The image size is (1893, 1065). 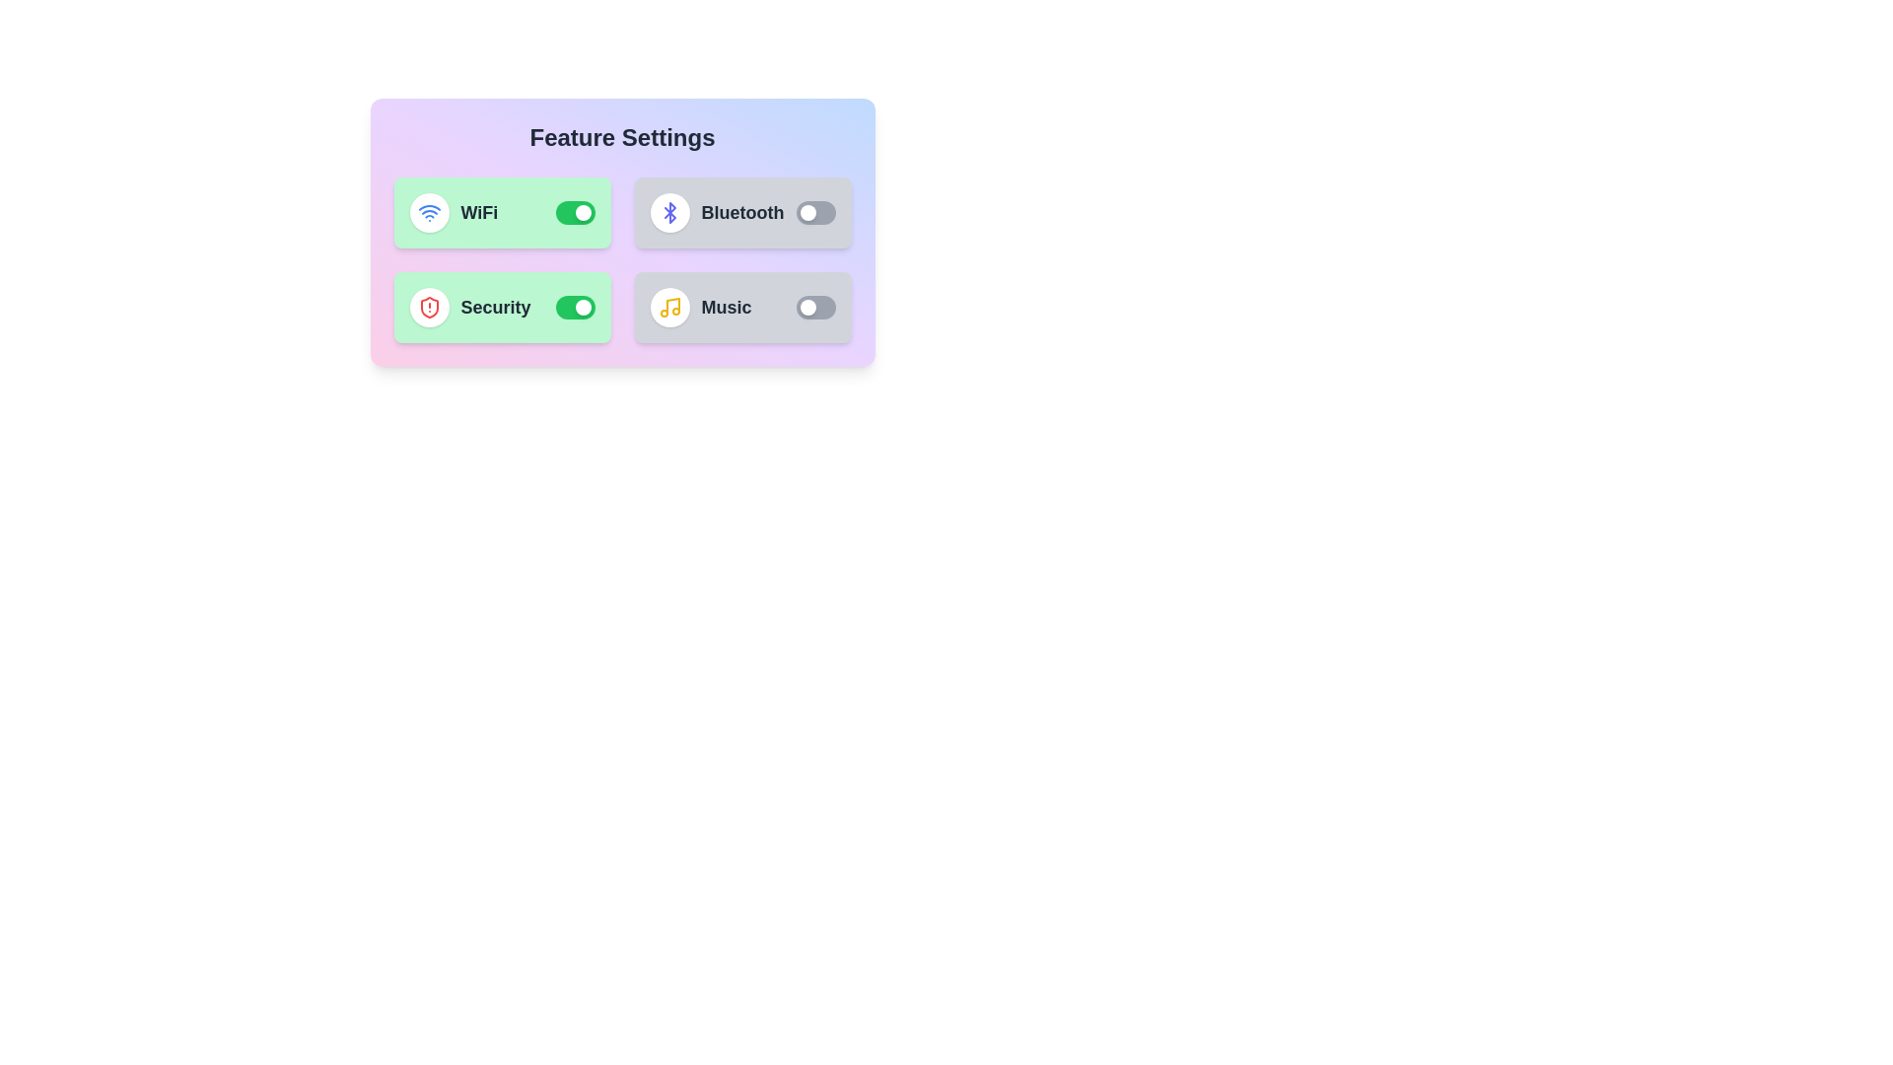 I want to click on the toggle switch for the WiFi feature to change its state, so click(x=574, y=213).